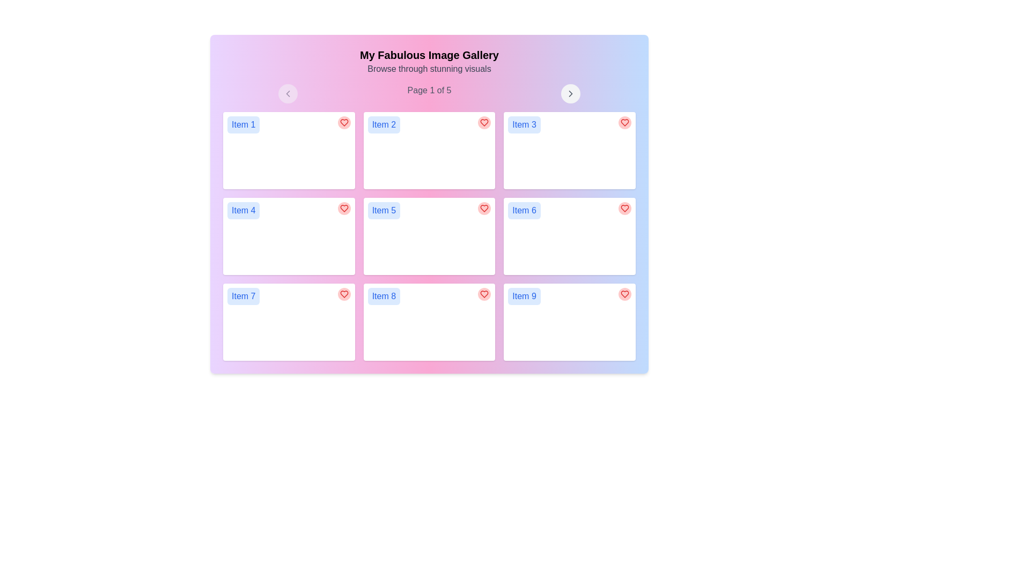 The width and height of the screenshot is (1030, 579). What do you see at coordinates (625, 209) in the screenshot?
I see `the 'like' or 'favorite' icon button located in the second row and third column of the 3x3 grid layout of cards` at bounding box center [625, 209].